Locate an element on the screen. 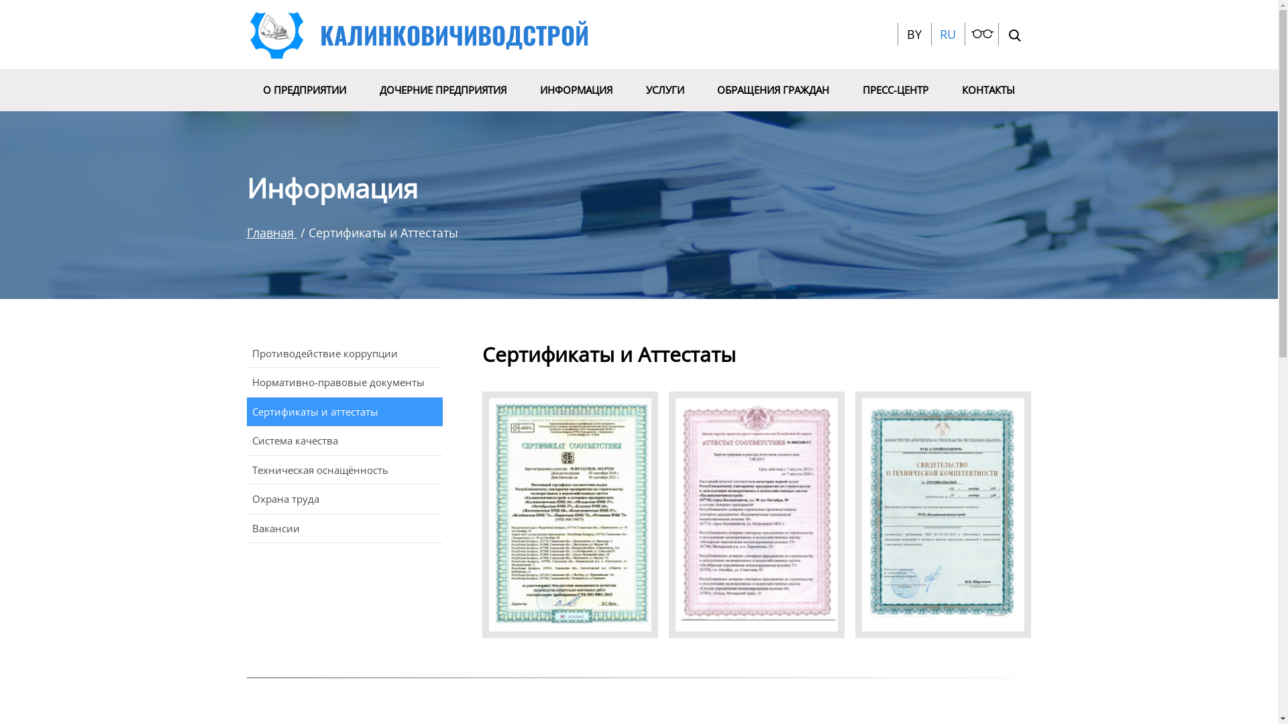 Image resolution: width=1288 pixels, height=724 pixels. 'BY' is located at coordinates (907, 34).